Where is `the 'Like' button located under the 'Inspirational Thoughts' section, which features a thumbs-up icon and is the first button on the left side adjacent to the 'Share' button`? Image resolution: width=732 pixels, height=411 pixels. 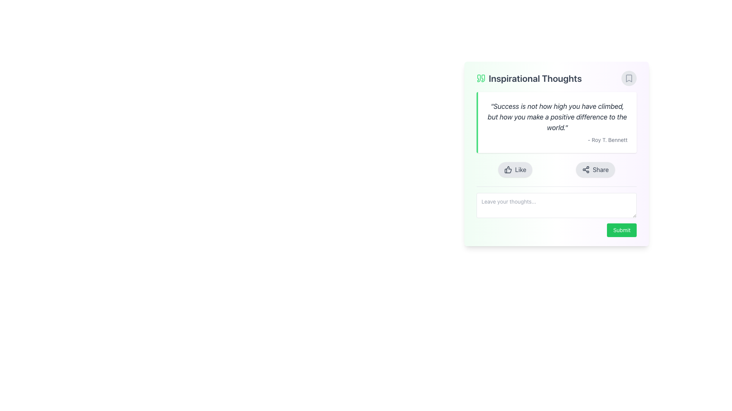
the 'Like' button located under the 'Inspirational Thoughts' section, which features a thumbs-up icon and is the first button on the left side adjacent to the 'Share' button is located at coordinates (515, 169).